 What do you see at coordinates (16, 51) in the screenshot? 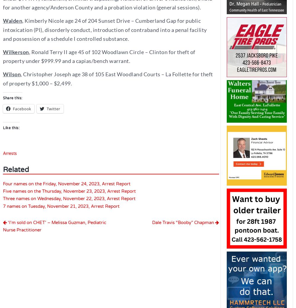
I see `'Wilkerson'` at bounding box center [16, 51].